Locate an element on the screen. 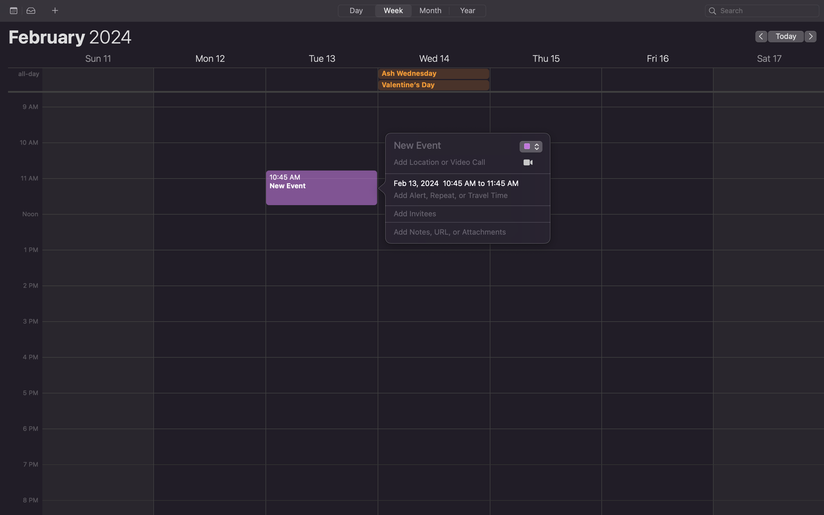 The height and width of the screenshot is (515, 824). Insert the notice "Please bring your laptops for the presentation" is located at coordinates (460, 232).